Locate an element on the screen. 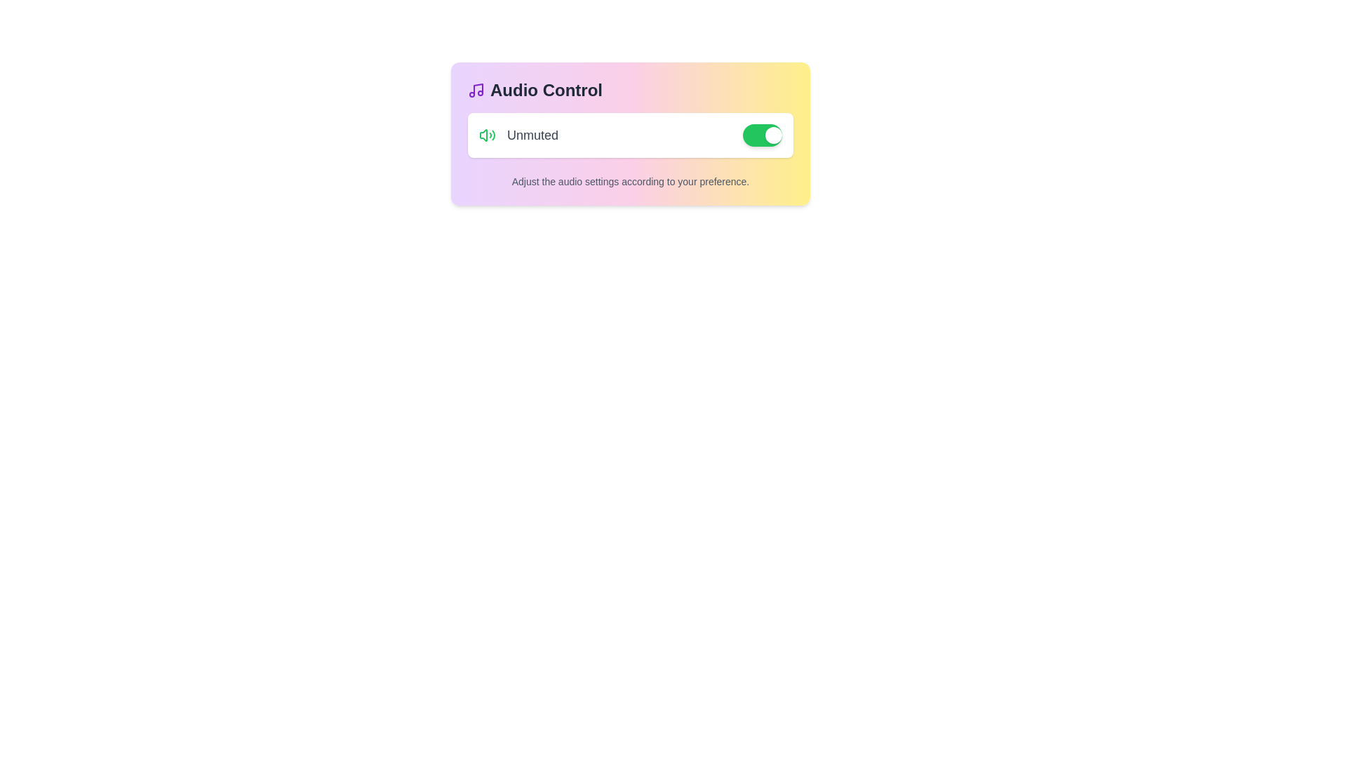 The width and height of the screenshot is (1347, 758). the purple music note icon with rounded edges located in the 'Audio Control' section is located at coordinates (476, 90).